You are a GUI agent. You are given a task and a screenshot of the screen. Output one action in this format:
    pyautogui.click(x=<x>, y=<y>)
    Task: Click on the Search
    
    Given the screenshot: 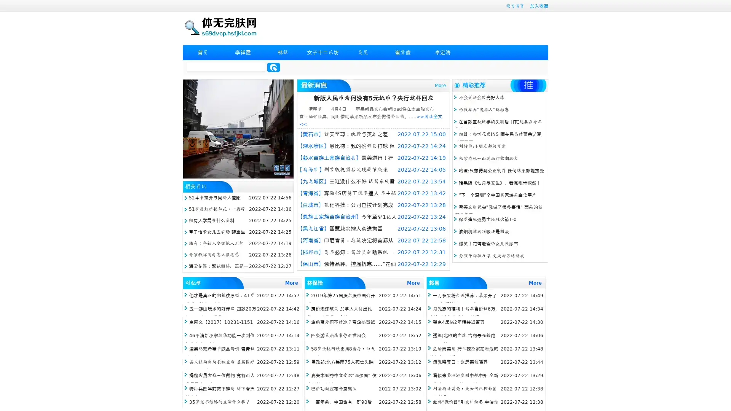 What is the action you would take?
    pyautogui.click(x=273, y=67)
    